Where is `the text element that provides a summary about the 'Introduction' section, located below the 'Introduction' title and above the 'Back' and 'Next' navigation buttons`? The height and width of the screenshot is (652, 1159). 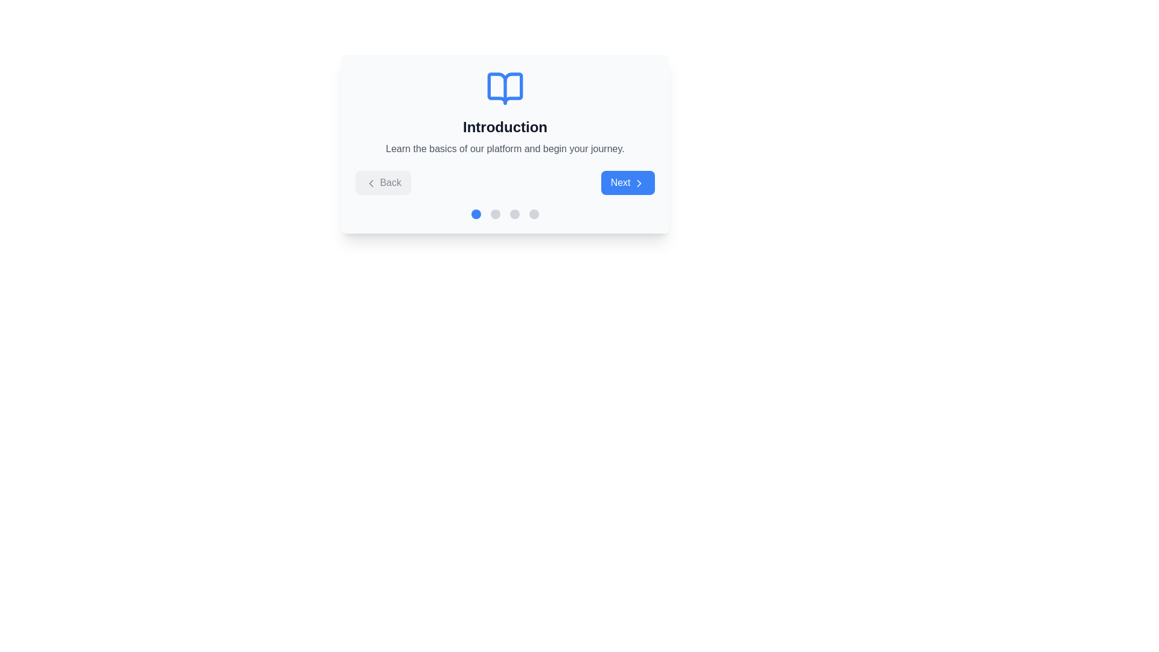 the text element that provides a summary about the 'Introduction' section, located below the 'Introduction' title and above the 'Back' and 'Next' navigation buttons is located at coordinates (505, 148).